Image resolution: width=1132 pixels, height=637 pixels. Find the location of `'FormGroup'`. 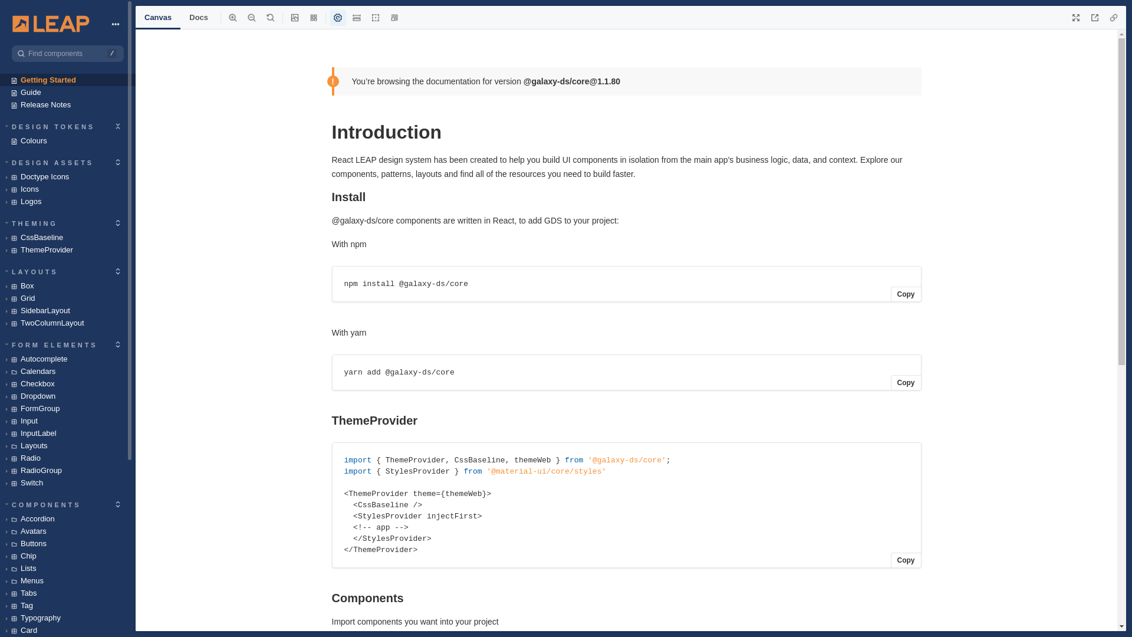

'FormGroup' is located at coordinates (67, 408).